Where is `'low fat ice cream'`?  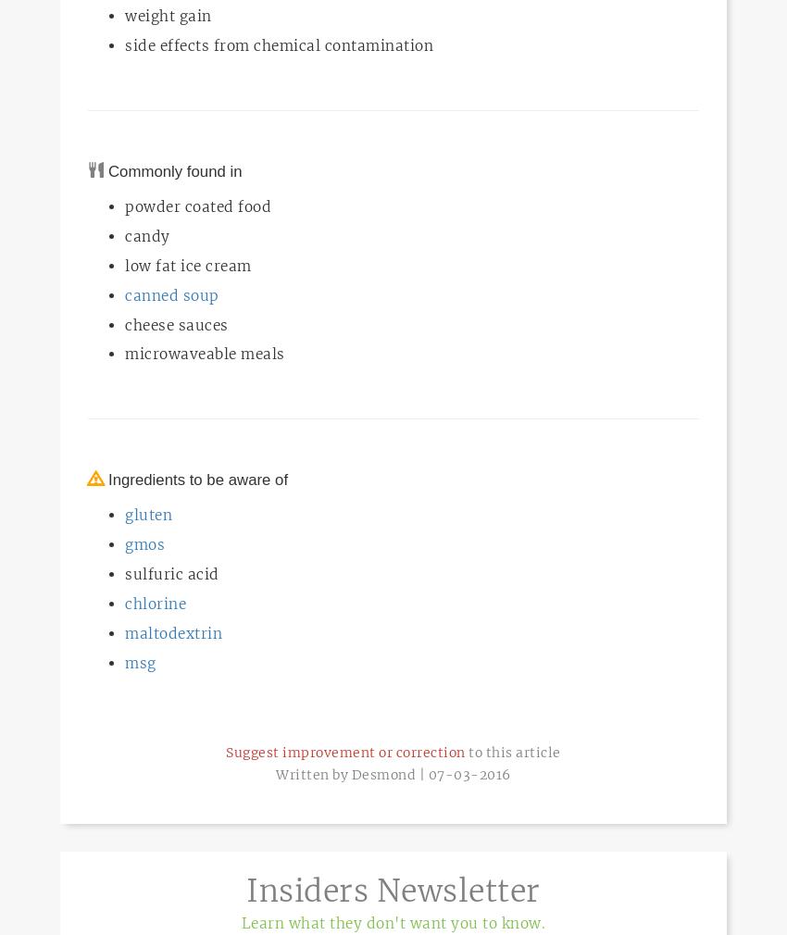 'low fat ice cream' is located at coordinates (186, 265).